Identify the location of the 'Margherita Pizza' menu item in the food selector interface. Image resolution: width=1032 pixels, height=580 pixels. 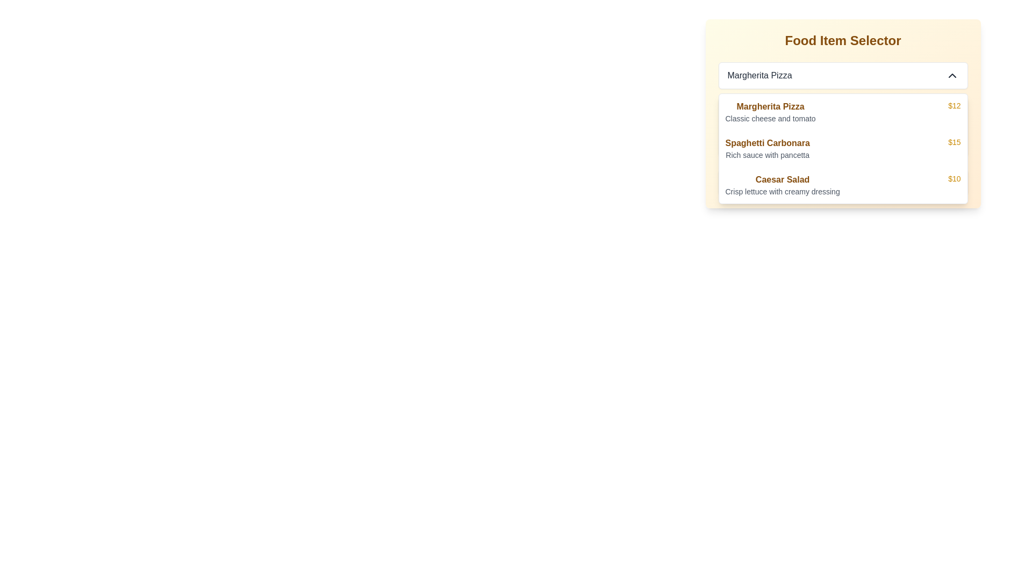
(842, 112).